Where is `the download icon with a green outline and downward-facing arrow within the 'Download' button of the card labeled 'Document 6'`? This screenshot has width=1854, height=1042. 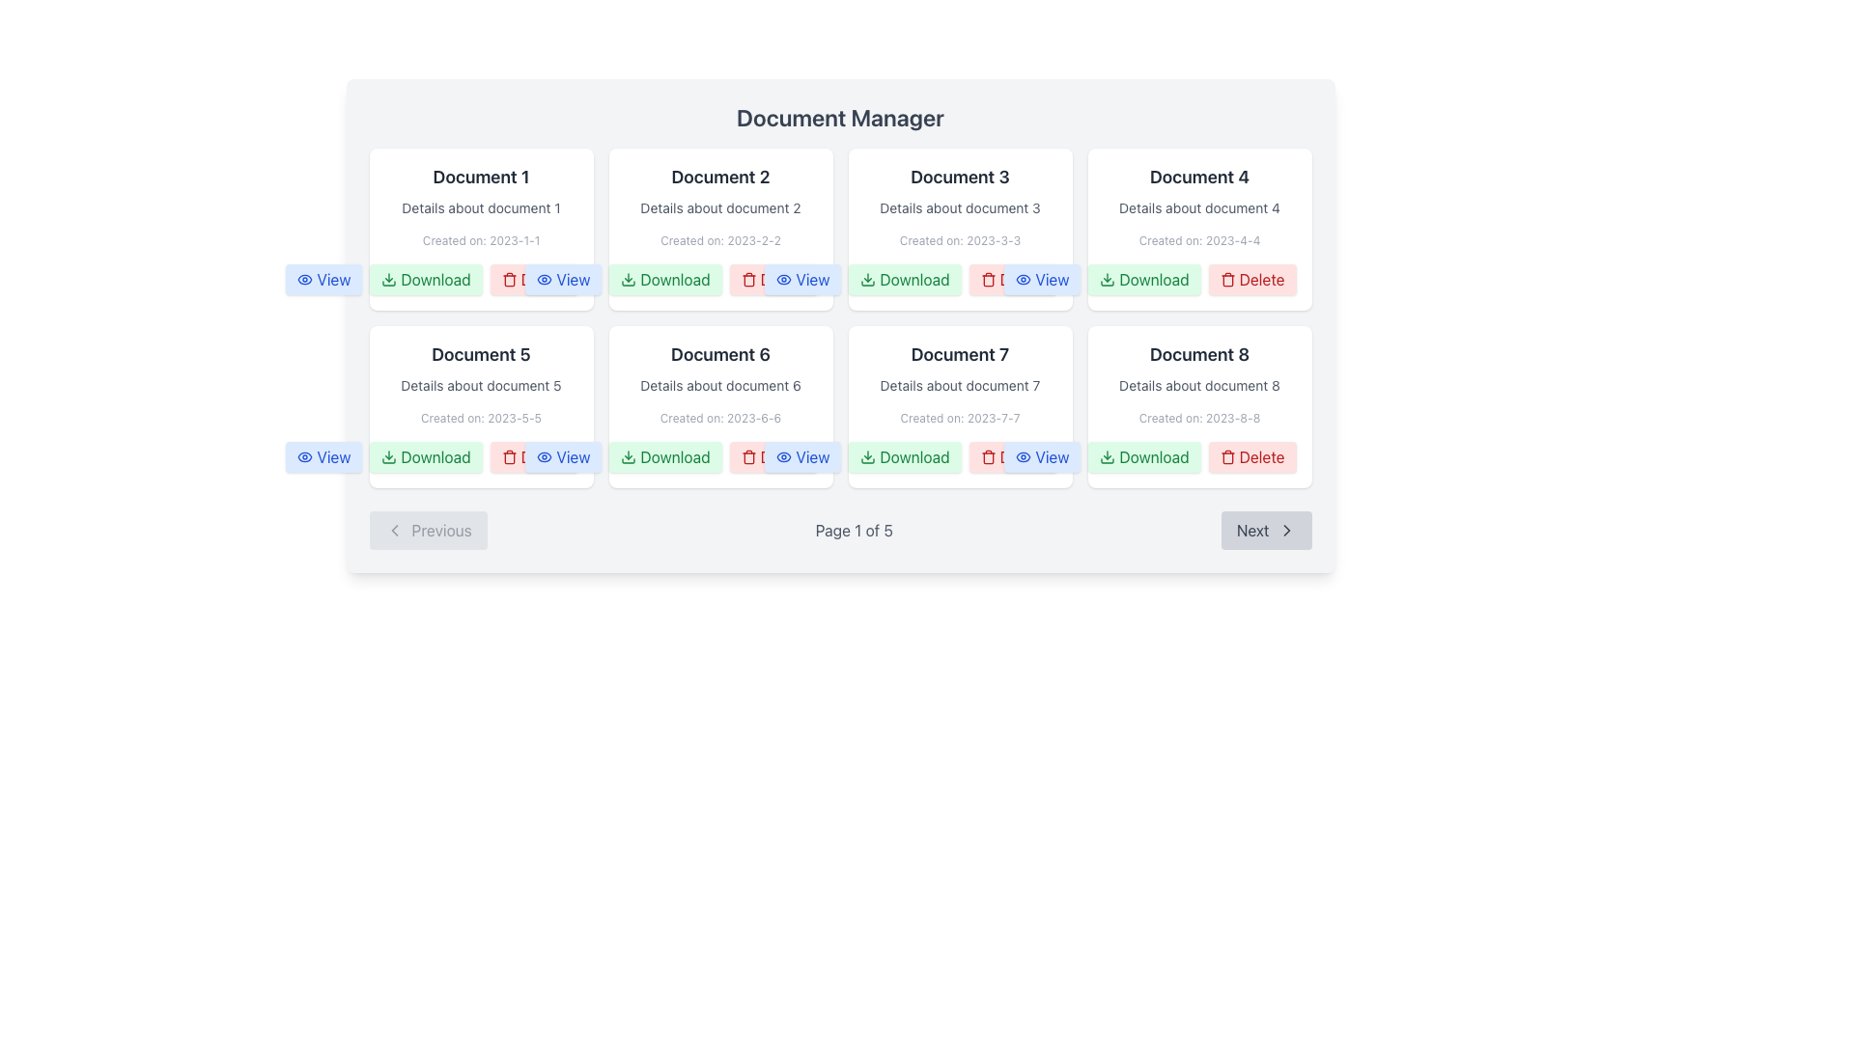 the download icon with a green outline and downward-facing arrow within the 'Download' button of the card labeled 'Document 6' is located at coordinates (629, 457).